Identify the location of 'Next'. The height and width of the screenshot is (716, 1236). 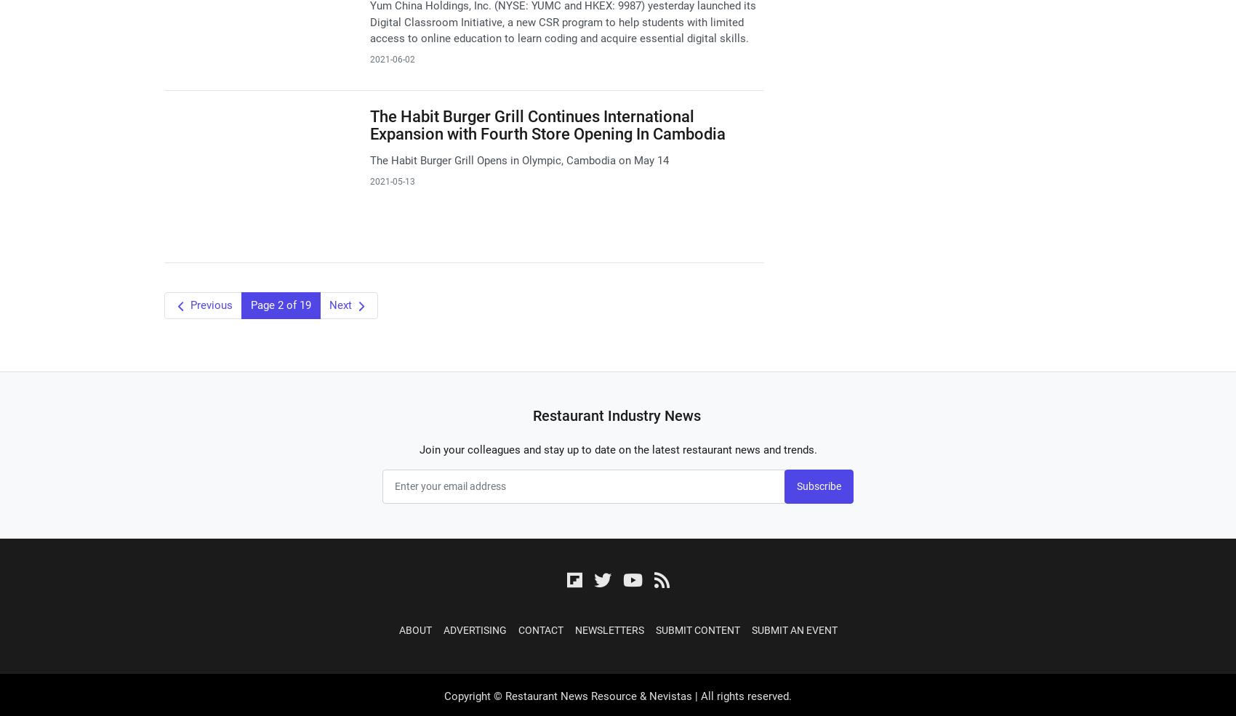
(340, 305).